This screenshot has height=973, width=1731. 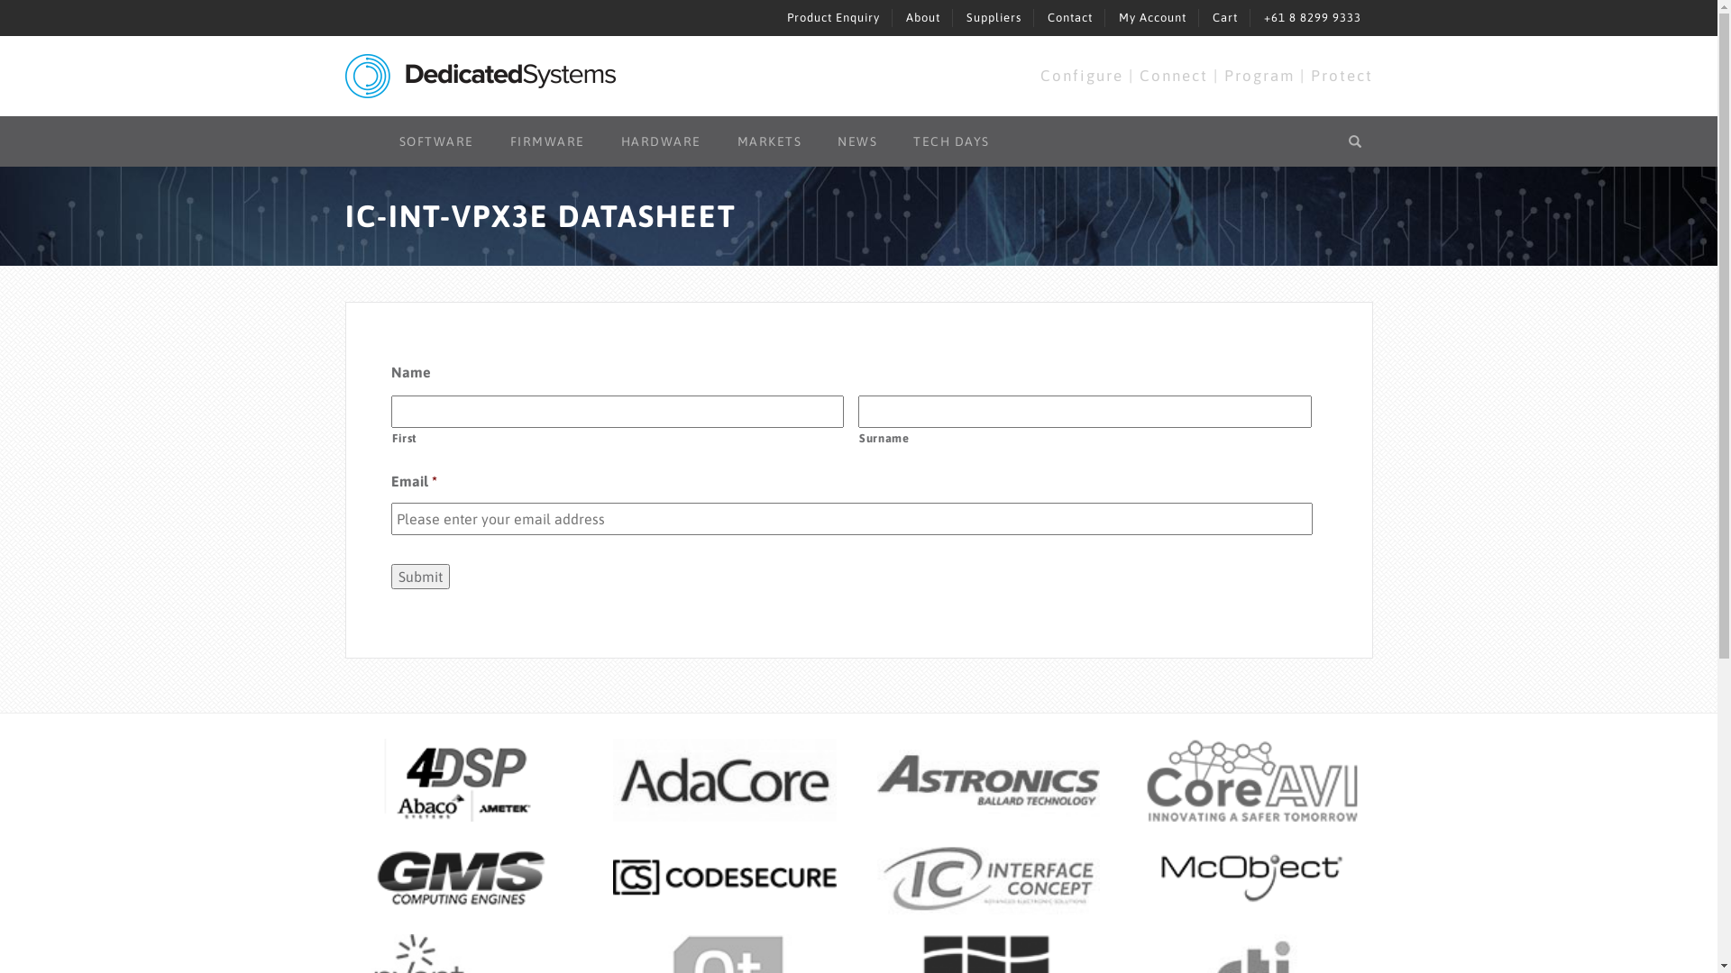 What do you see at coordinates (770, 141) in the screenshot?
I see `'MARKETS'` at bounding box center [770, 141].